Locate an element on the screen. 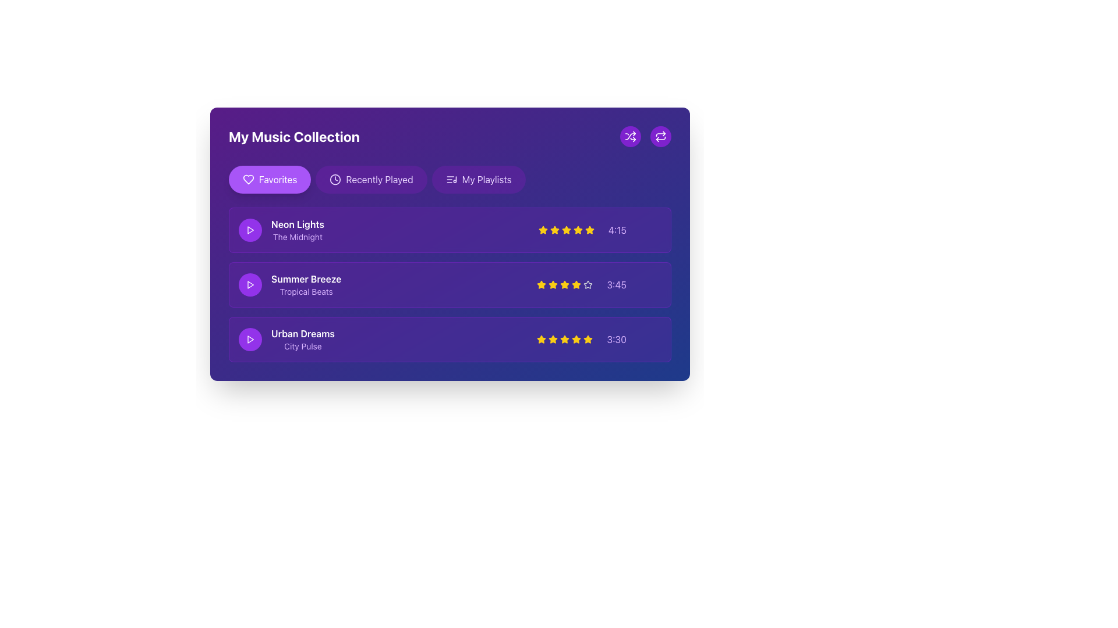  the play button for the track 'Neon Lights' to initiate audio playback is located at coordinates (250, 230).